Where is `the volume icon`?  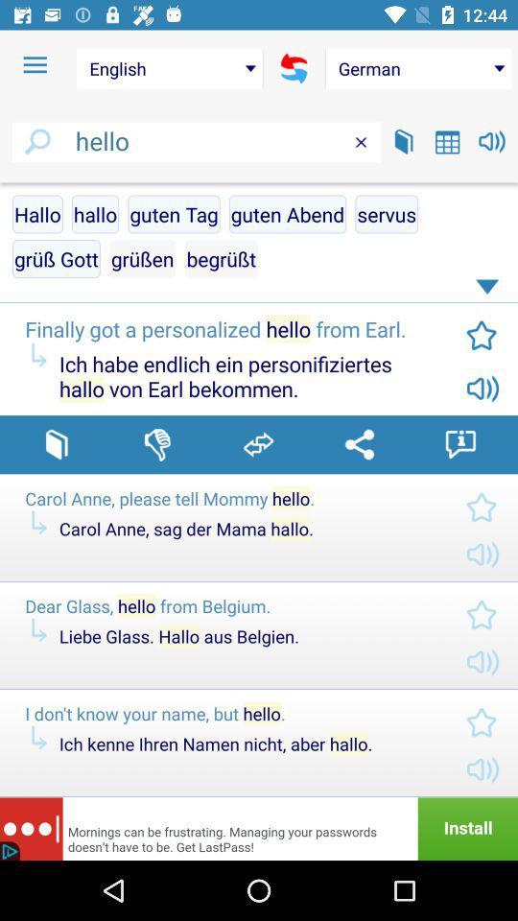
the volume icon is located at coordinates (492, 140).